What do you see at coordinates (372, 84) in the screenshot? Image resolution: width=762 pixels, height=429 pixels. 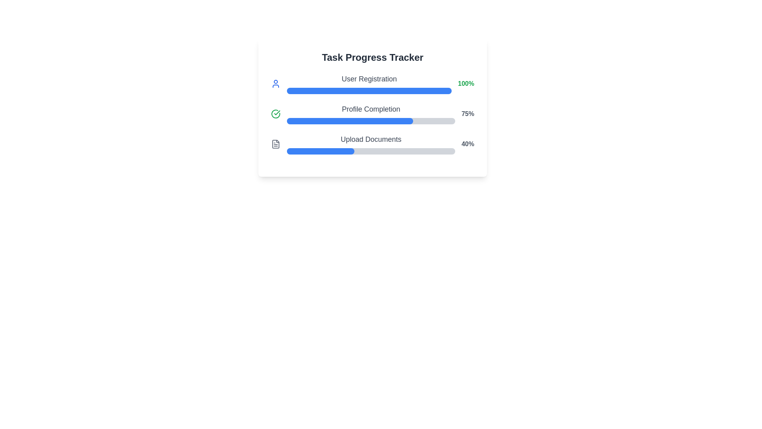 I see `the first progress indicator for the 'User Registration' task, which displays completion status and percentage on a white background, positioned above the 'Profile Completion' and 'Upload Documents' sections` at bounding box center [372, 84].